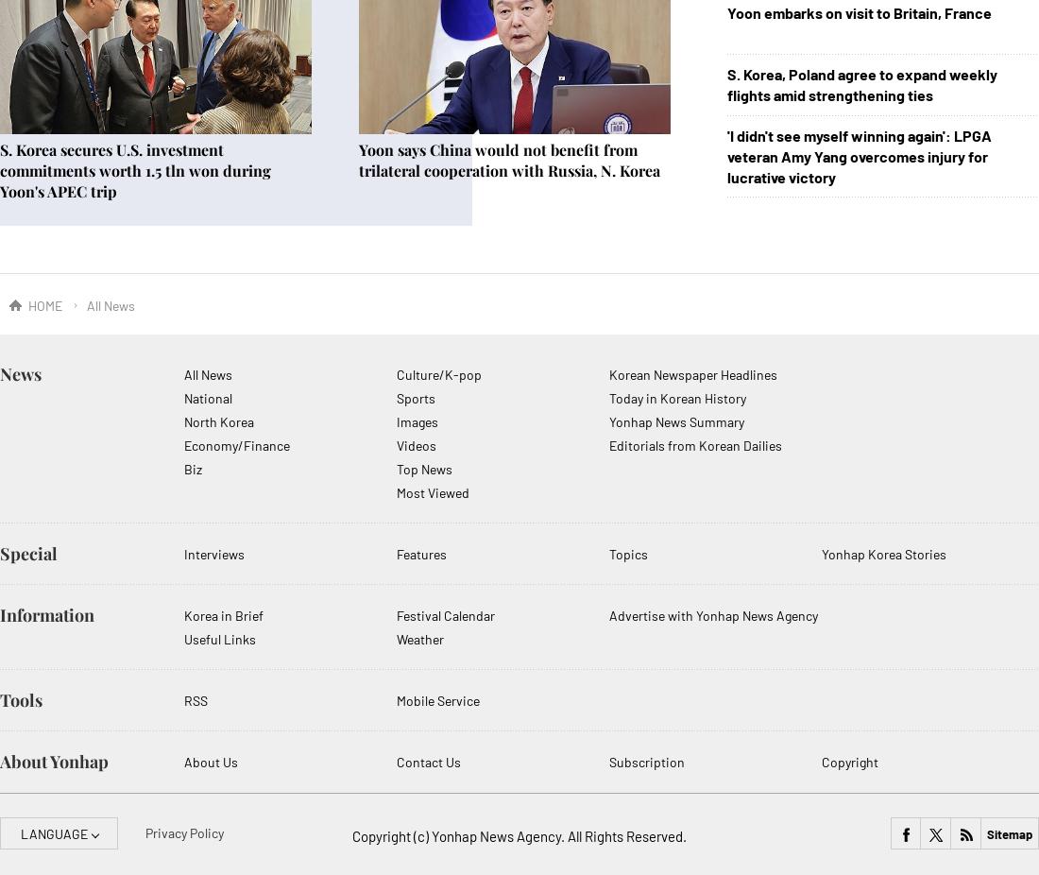 The height and width of the screenshot is (875, 1039). What do you see at coordinates (395, 421) in the screenshot?
I see `'Images'` at bounding box center [395, 421].